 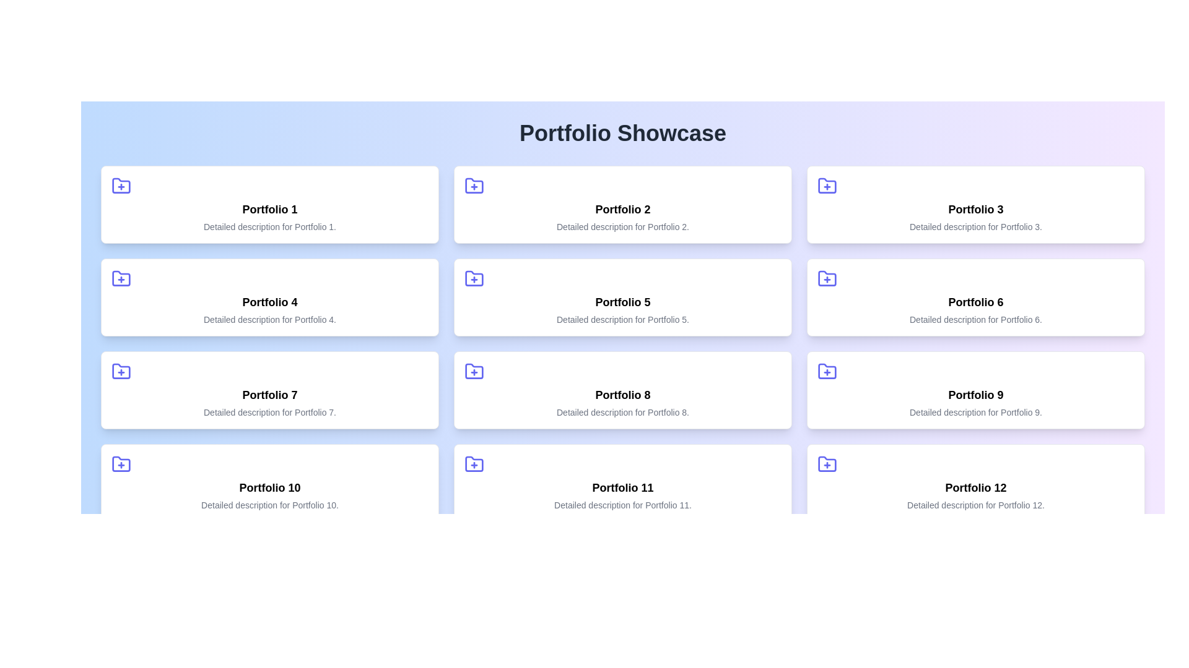 I want to click on the Static Text element displaying 'Portfolio 1', which identifies the current card in the portfolio grid, so click(x=269, y=209).